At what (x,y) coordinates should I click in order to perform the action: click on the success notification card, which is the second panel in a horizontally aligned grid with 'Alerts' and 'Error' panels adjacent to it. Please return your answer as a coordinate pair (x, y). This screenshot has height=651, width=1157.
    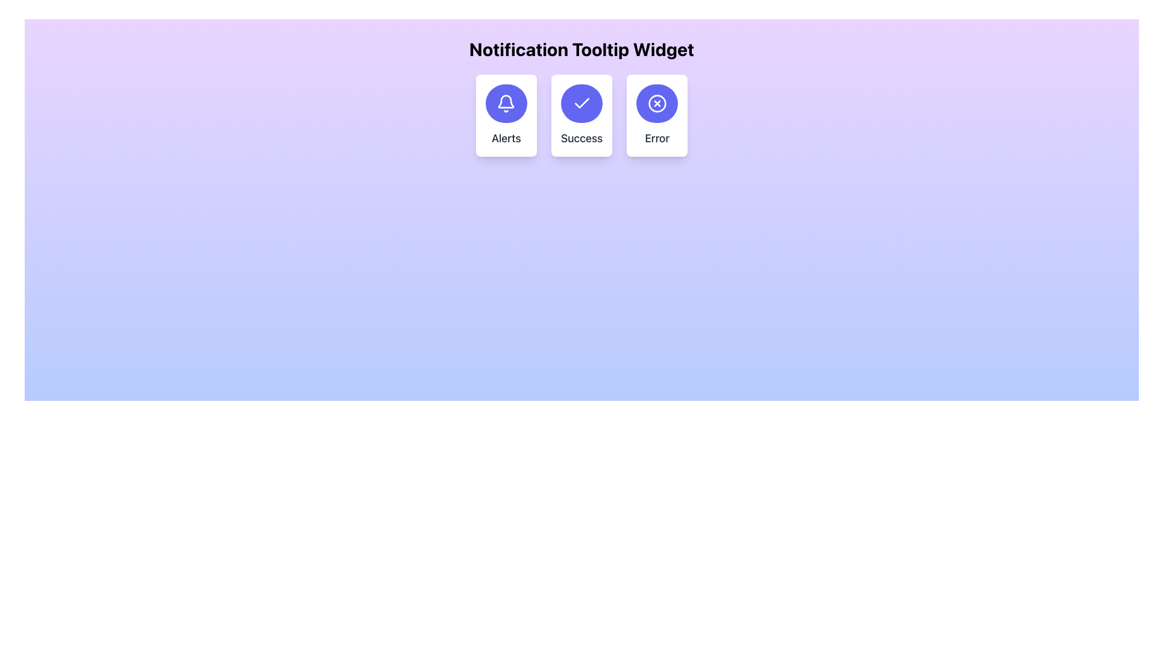
    Looking at the image, I should click on (582, 116).